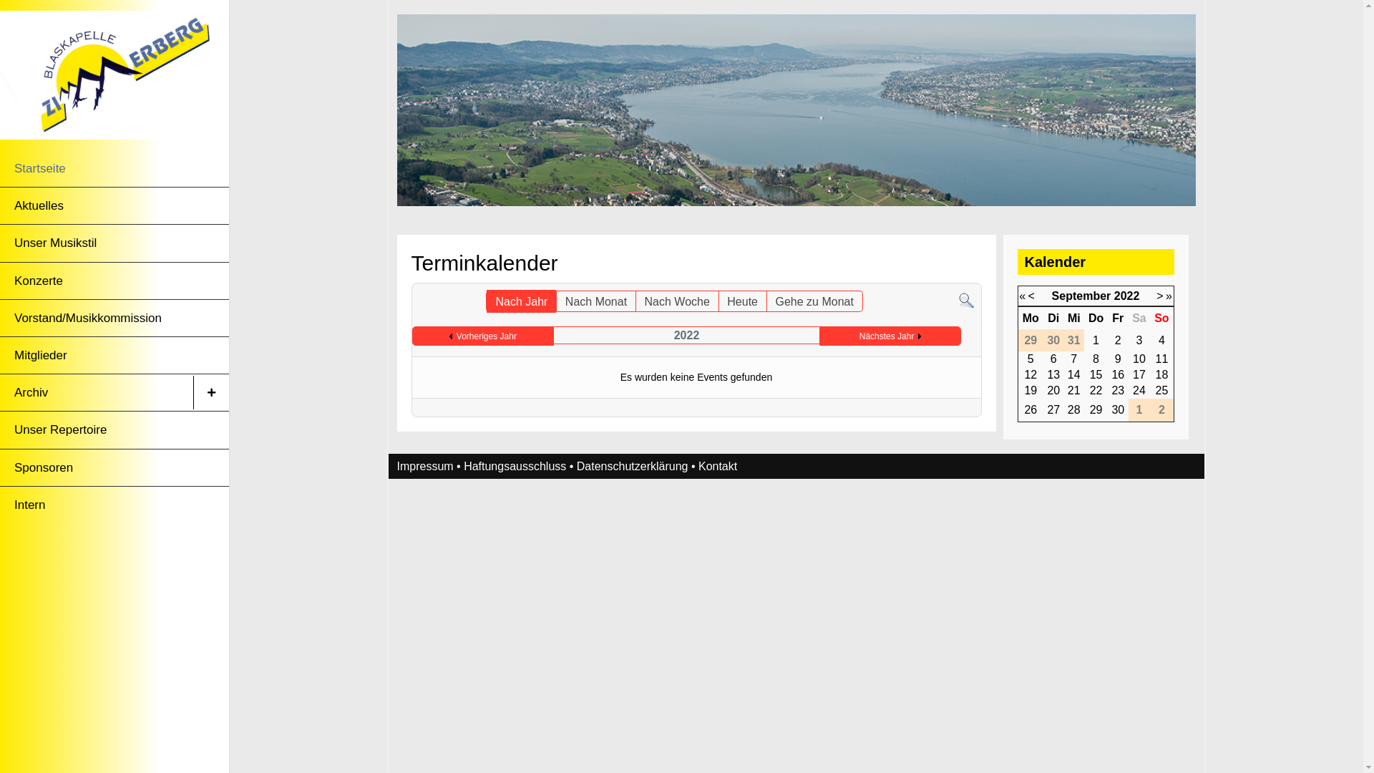 The width and height of the screenshot is (1374, 773). I want to click on 'Haftungsausschluss', so click(515, 466).